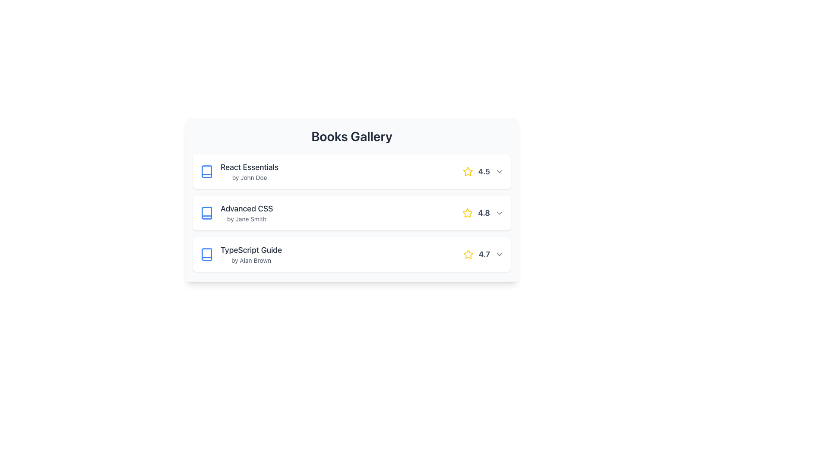  Describe the element at coordinates (352, 200) in the screenshot. I see `book details from the second card UI component in the 'Books Gallery' section, which provides information about a specific book including its title, author, and rating` at that location.